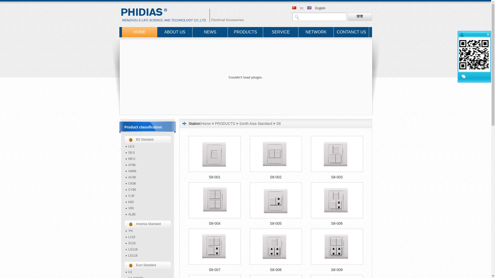 The height and width of the screenshot is (278, 495). Describe the element at coordinates (148, 171) in the screenshot. I see `'AM86'` at that location.